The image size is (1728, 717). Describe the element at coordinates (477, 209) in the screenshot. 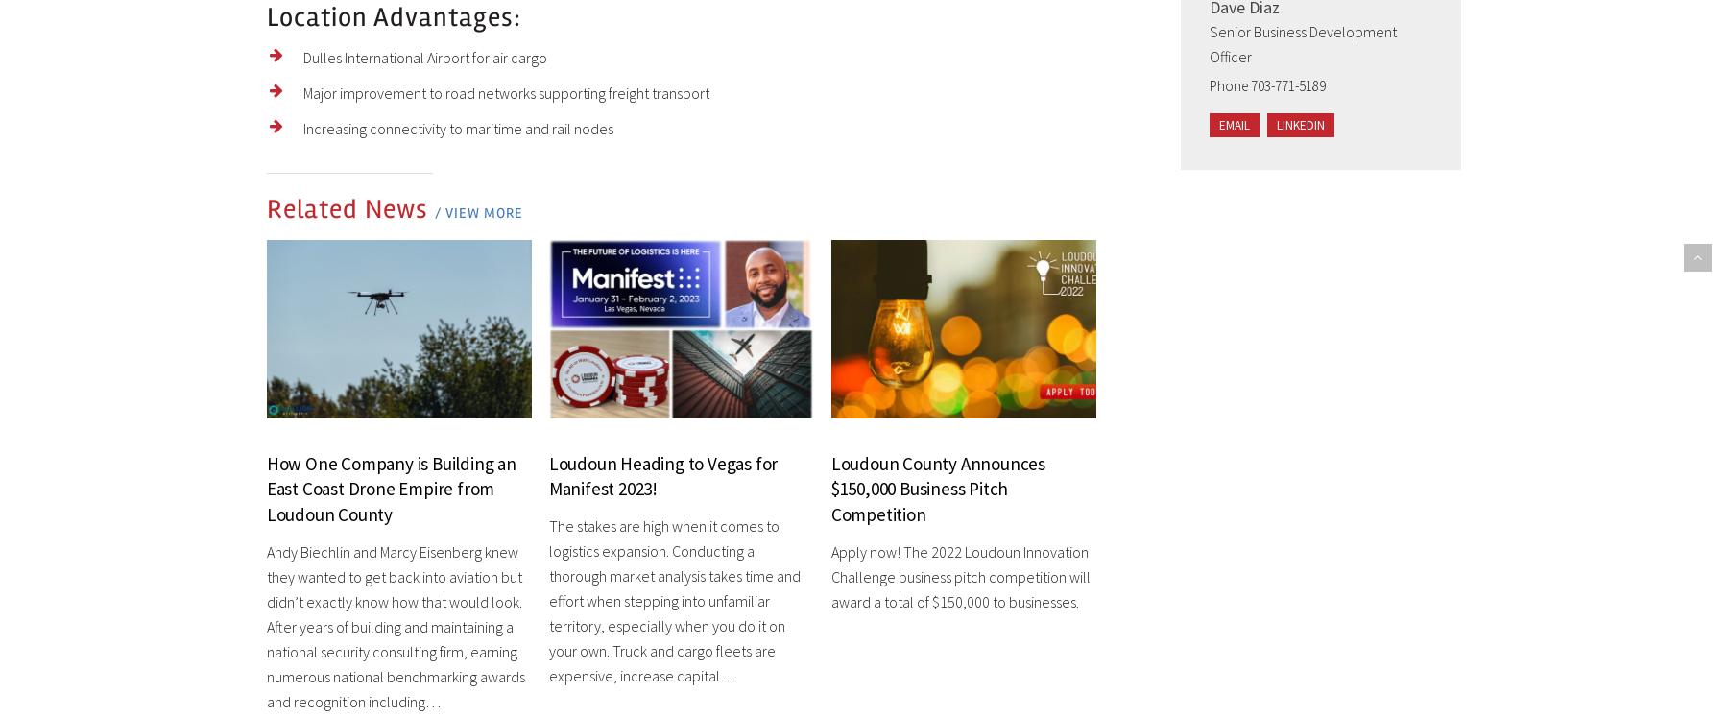

I see `'/ View More'` at that location.